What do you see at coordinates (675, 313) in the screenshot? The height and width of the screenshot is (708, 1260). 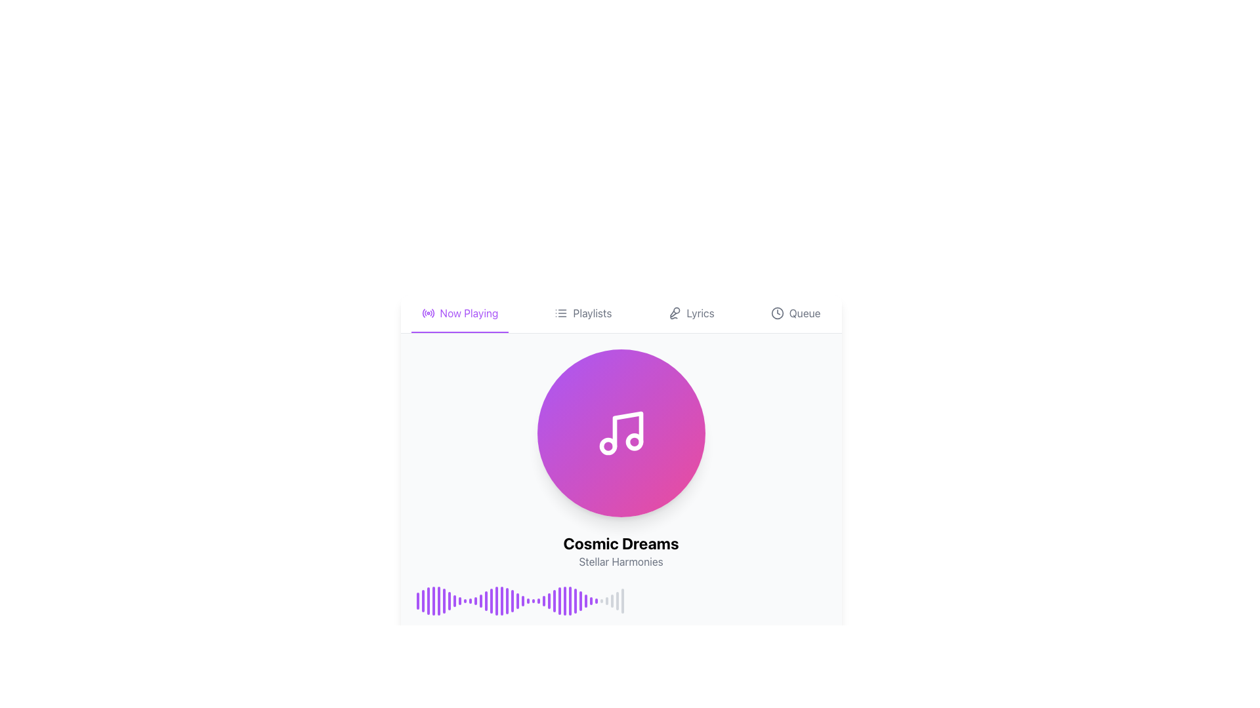 I see `the 'Lyrics' icon in the header navigation` at bounding box center [675, 313].